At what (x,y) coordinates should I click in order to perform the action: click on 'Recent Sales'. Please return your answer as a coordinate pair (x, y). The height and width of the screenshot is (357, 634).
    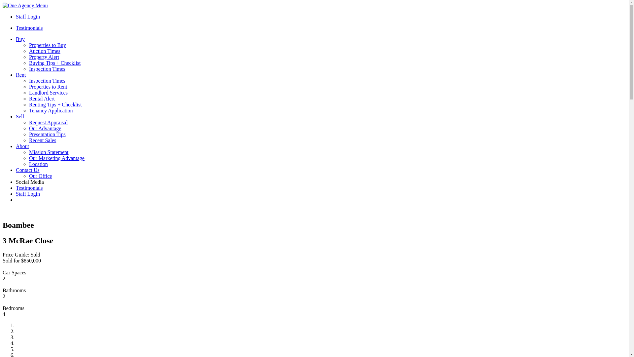
    Looking at the image, I should click on (42, 140).